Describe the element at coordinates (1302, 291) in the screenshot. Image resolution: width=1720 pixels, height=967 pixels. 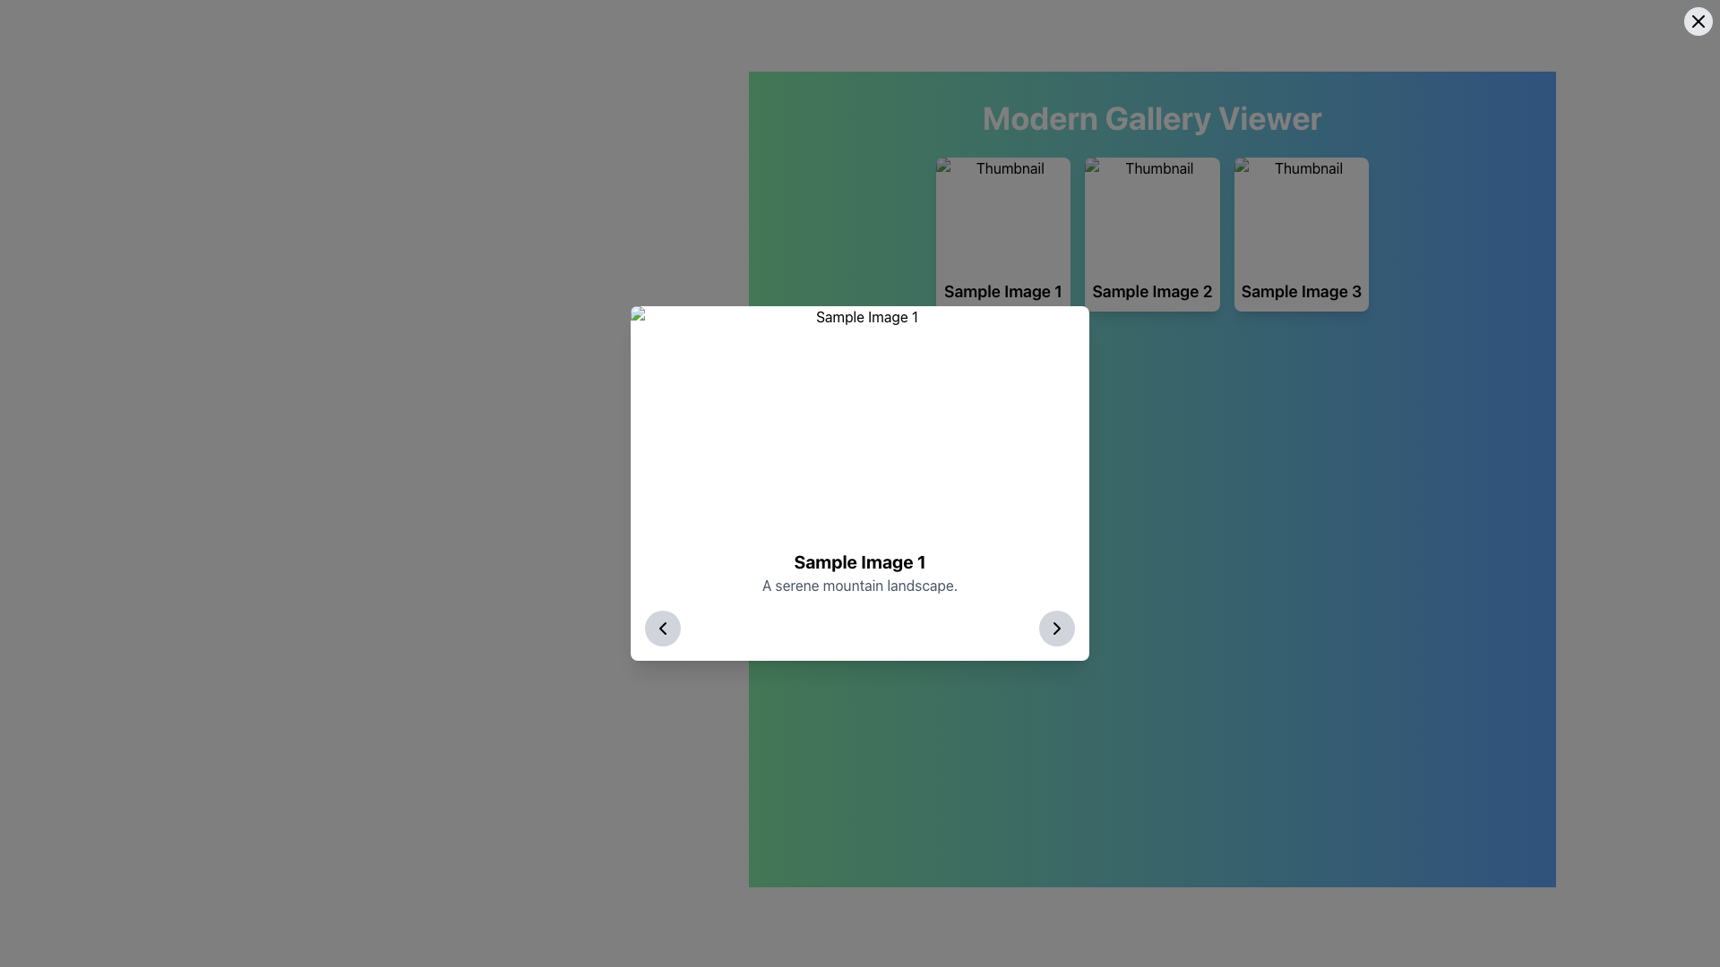
I see `the text label that reads 'Sample Image 3' located in the lower section of the third card in a row of three cards` at that location.